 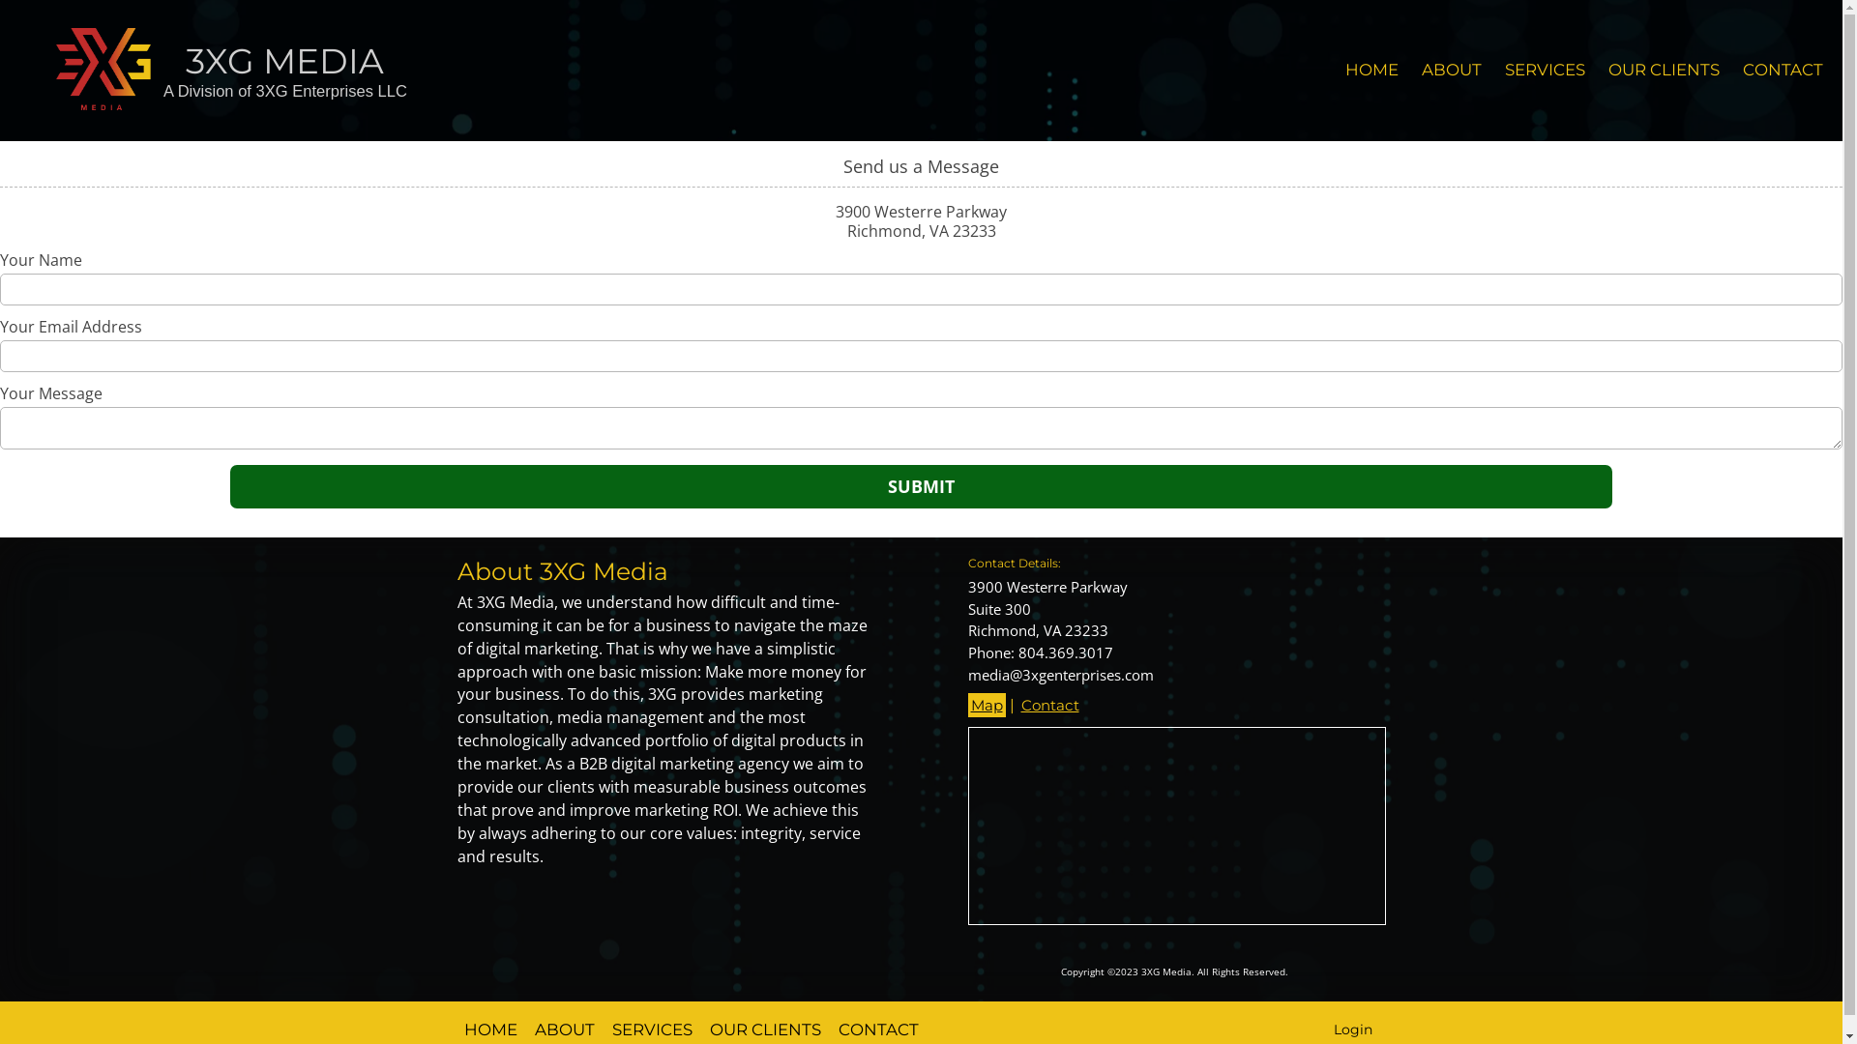 I want to click on '804.369.3017', so click(x=1016, y=652).